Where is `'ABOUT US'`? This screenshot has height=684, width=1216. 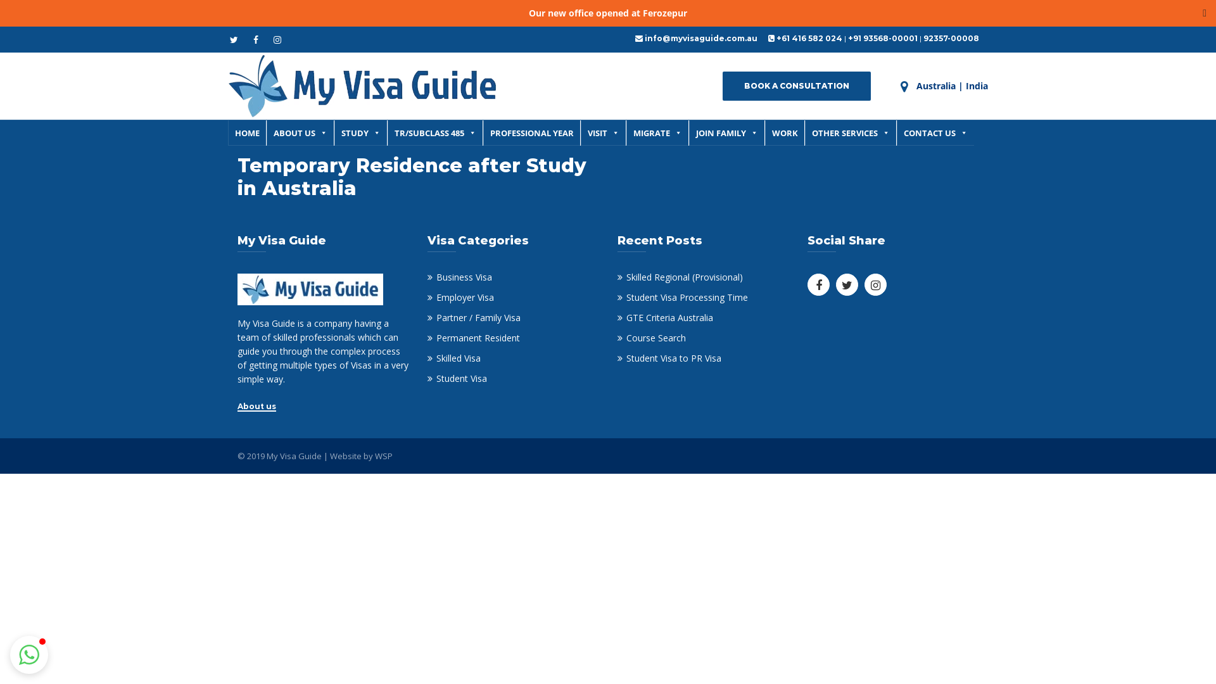
'ABOUT US' is located at coordinates (266, 132).